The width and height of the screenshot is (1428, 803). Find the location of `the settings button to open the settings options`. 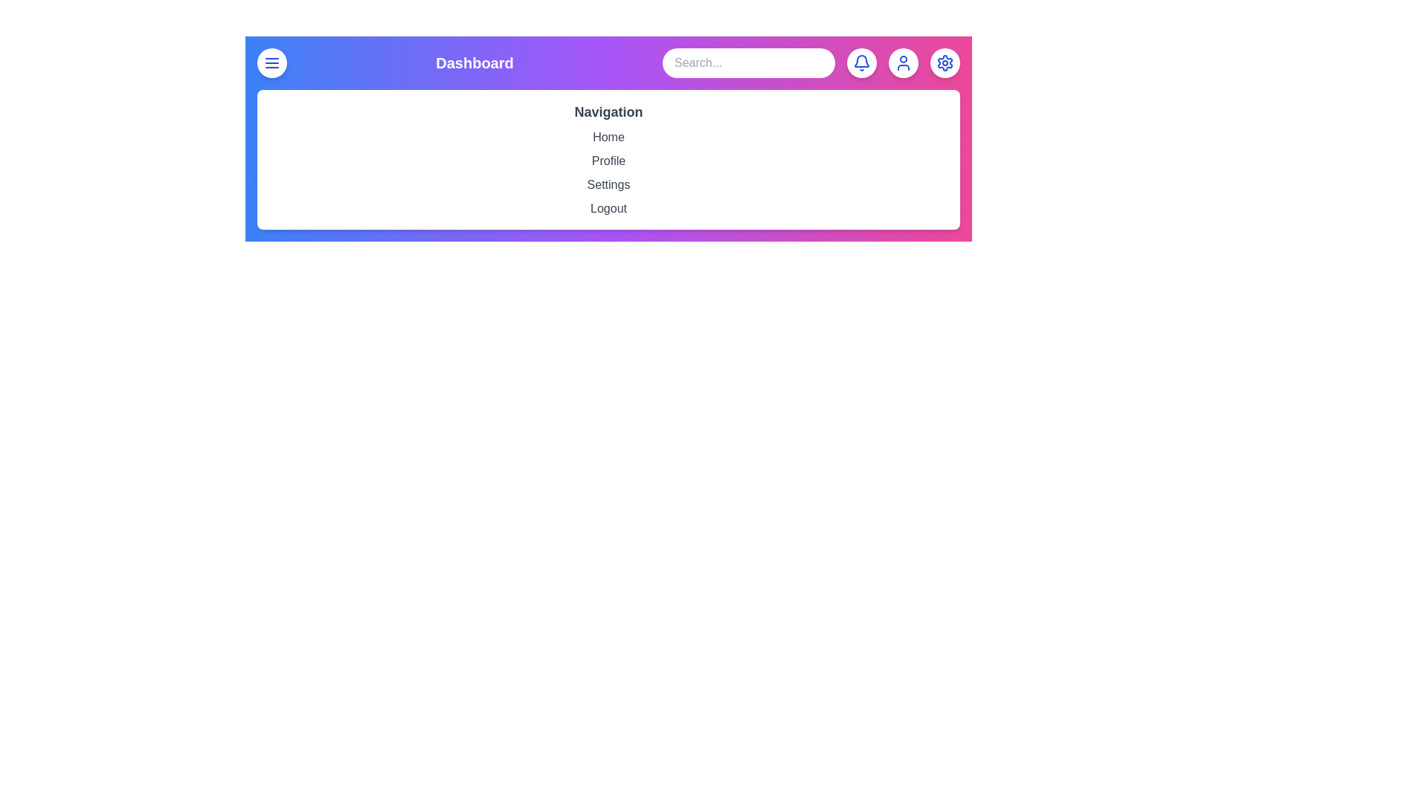

the settings button to open the settings options is located at coordinates (945, 62).